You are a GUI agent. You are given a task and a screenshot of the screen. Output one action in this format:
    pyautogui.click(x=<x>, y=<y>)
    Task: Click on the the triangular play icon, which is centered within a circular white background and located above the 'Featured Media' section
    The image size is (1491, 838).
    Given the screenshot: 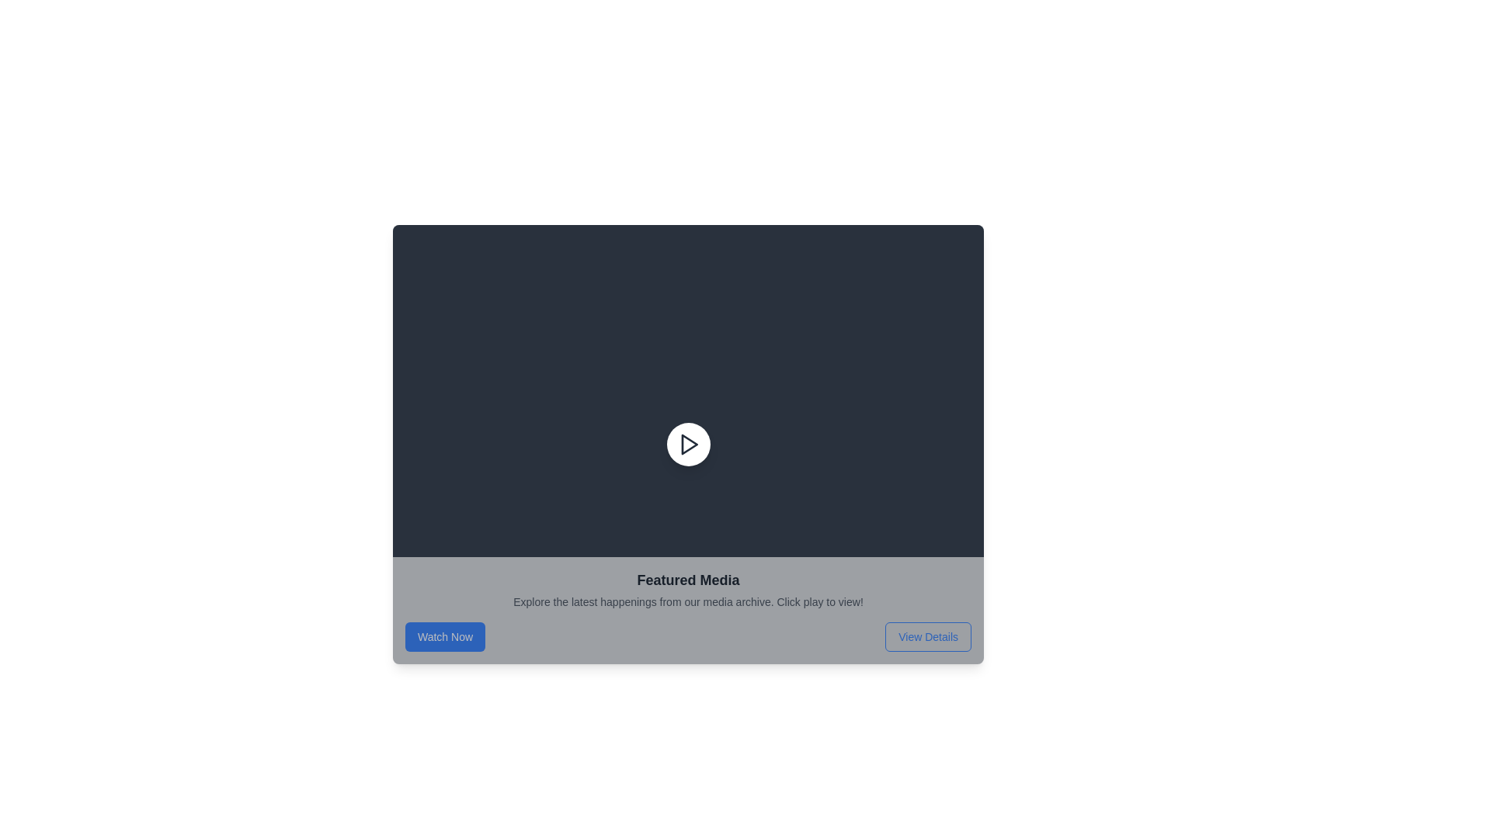 What is the action you would take?
    pyautogui.click(x=687, y=445)
    